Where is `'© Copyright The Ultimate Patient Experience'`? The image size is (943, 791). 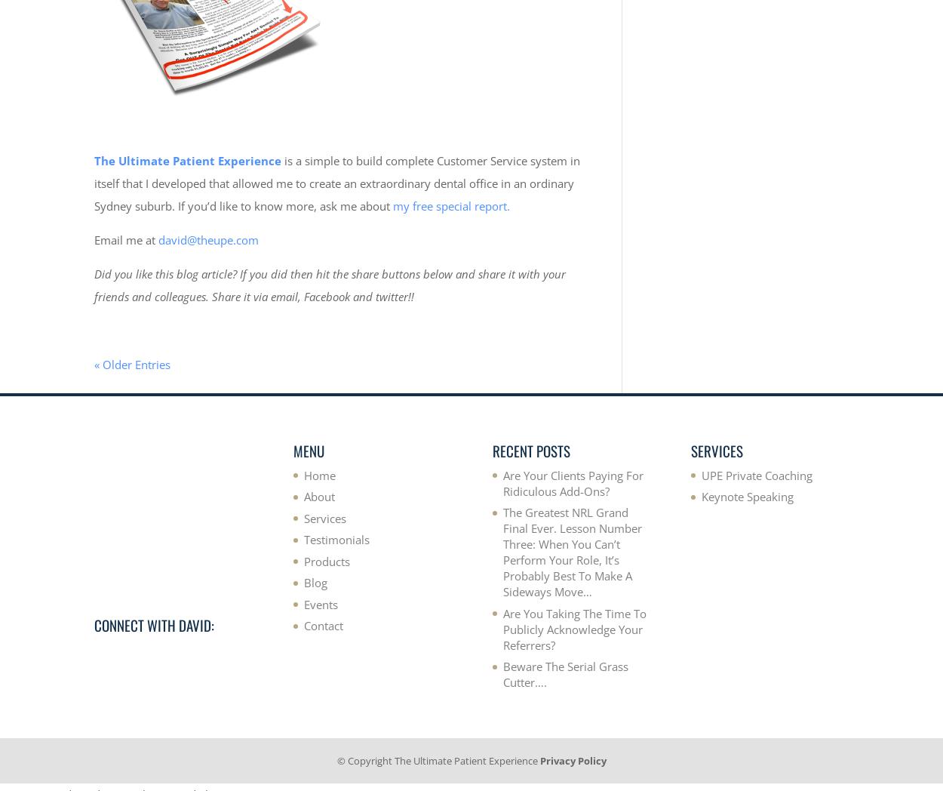 '© Copyright The Ultimate Patient Experience' is located at coordinates (437, 760).